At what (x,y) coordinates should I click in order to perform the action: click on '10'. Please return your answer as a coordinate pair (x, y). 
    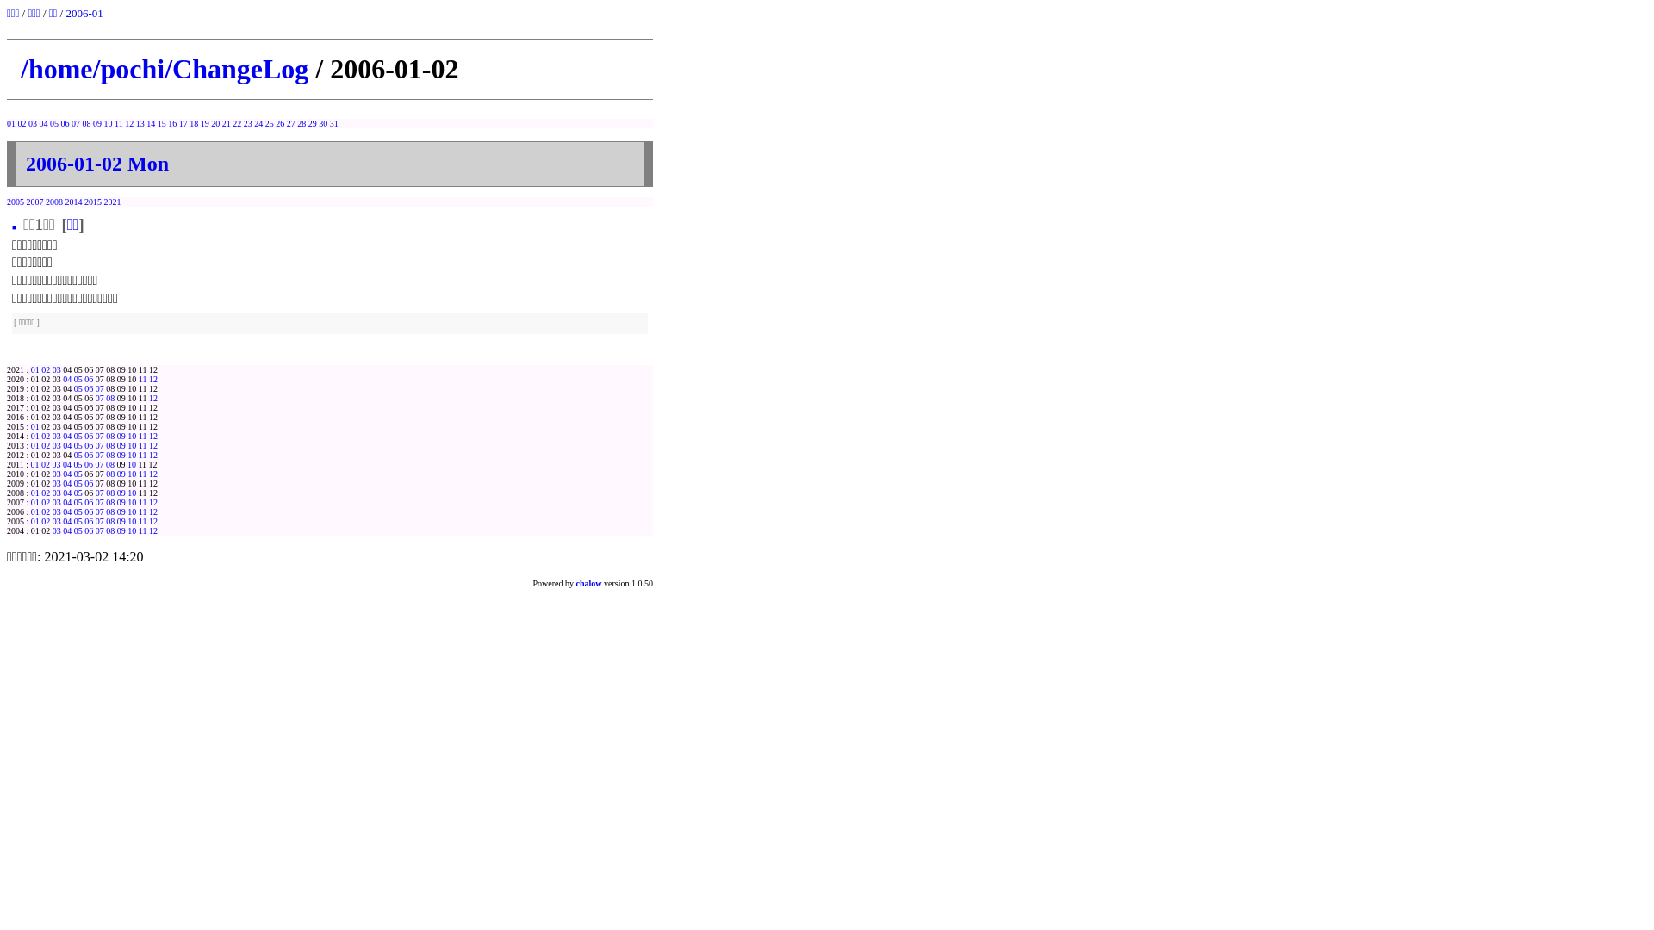
    Looking at the image, I should click on (103, 122).